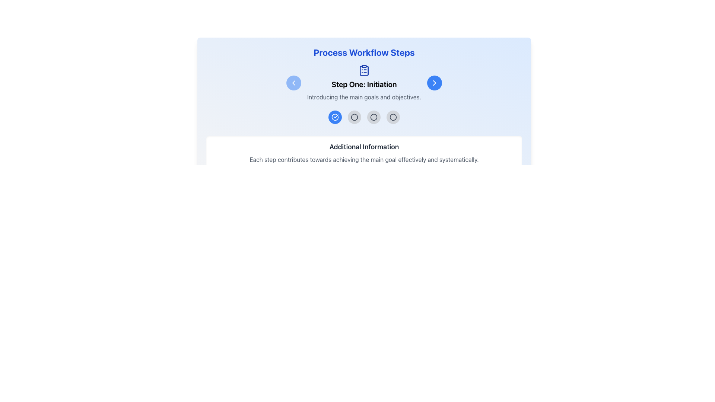 Image resolution: width=715 pixels, height=402 pixels. I want to click on the circular button located between a blue checkmark icon and an unfilled circle in the button group, so click(354, 117).